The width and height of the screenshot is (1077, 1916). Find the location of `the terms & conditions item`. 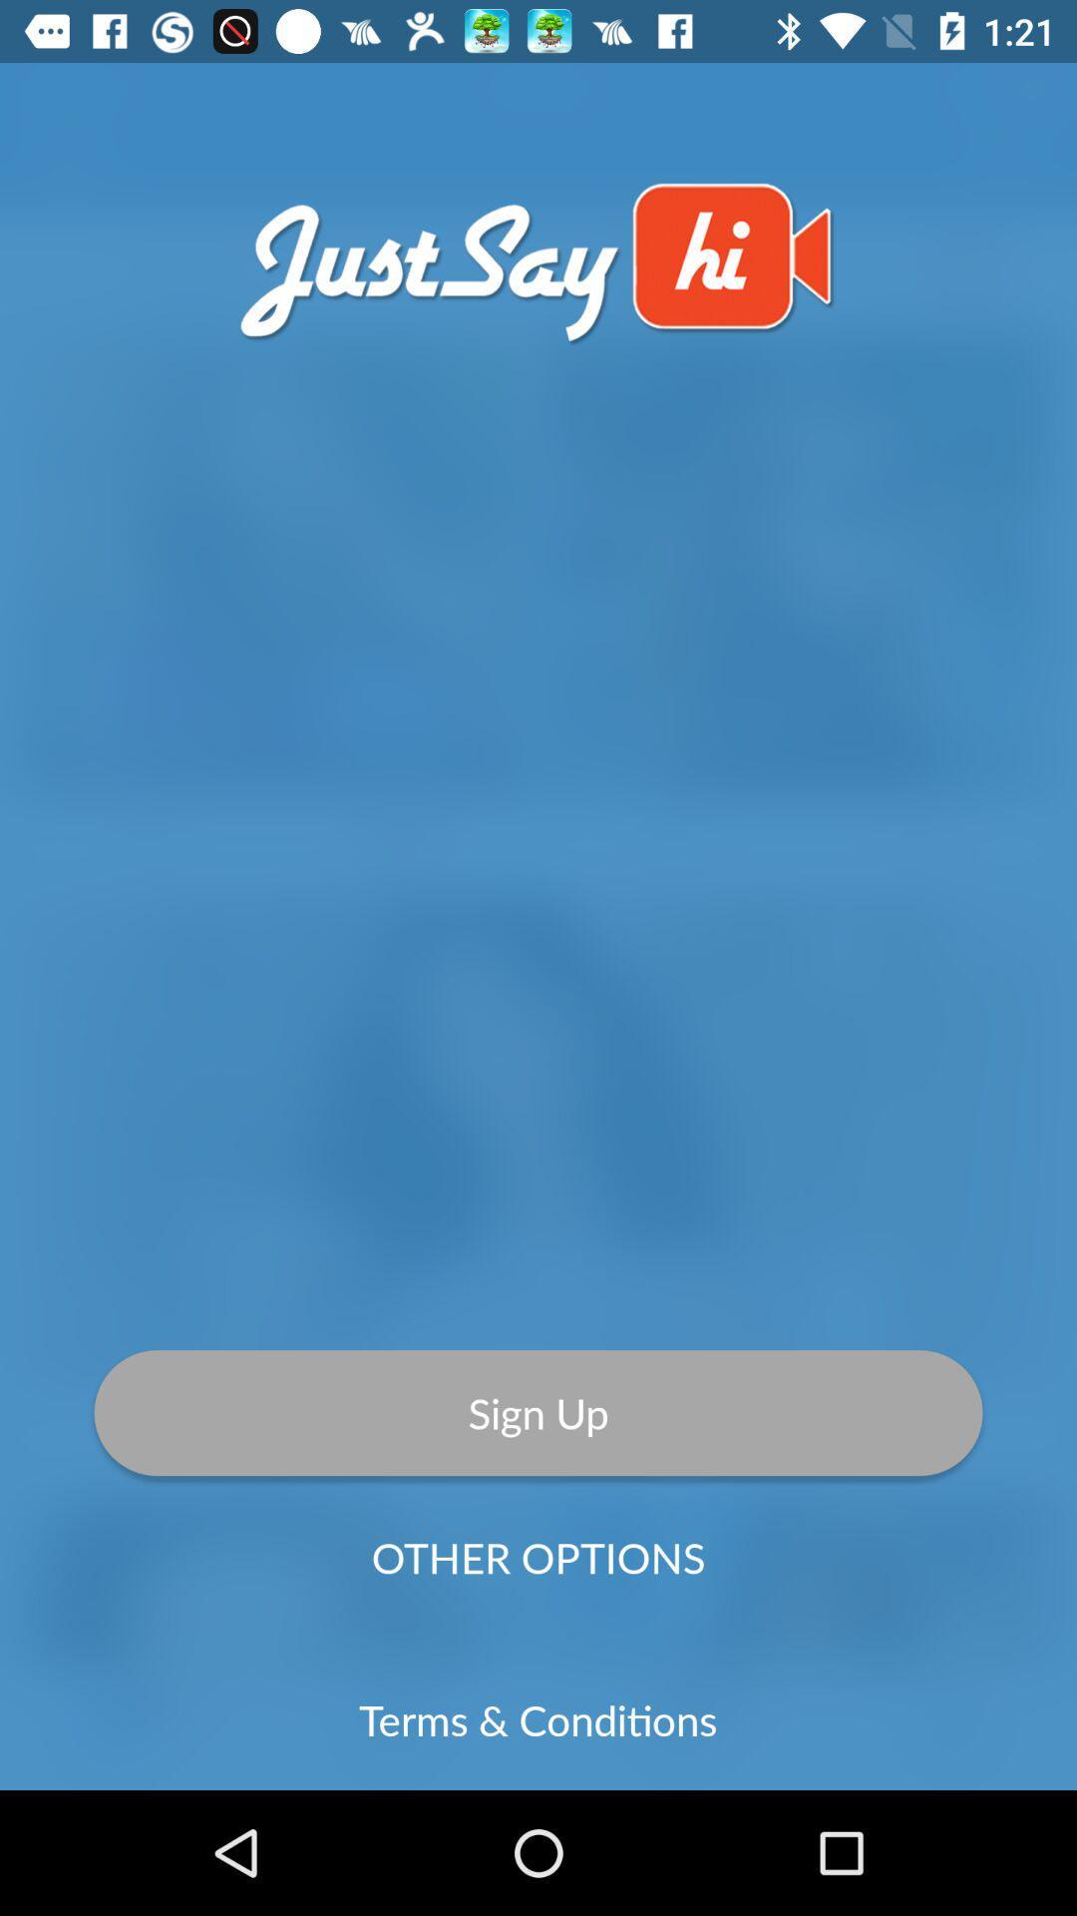

the terms & conditions item is located at coordinates (537, 1718).